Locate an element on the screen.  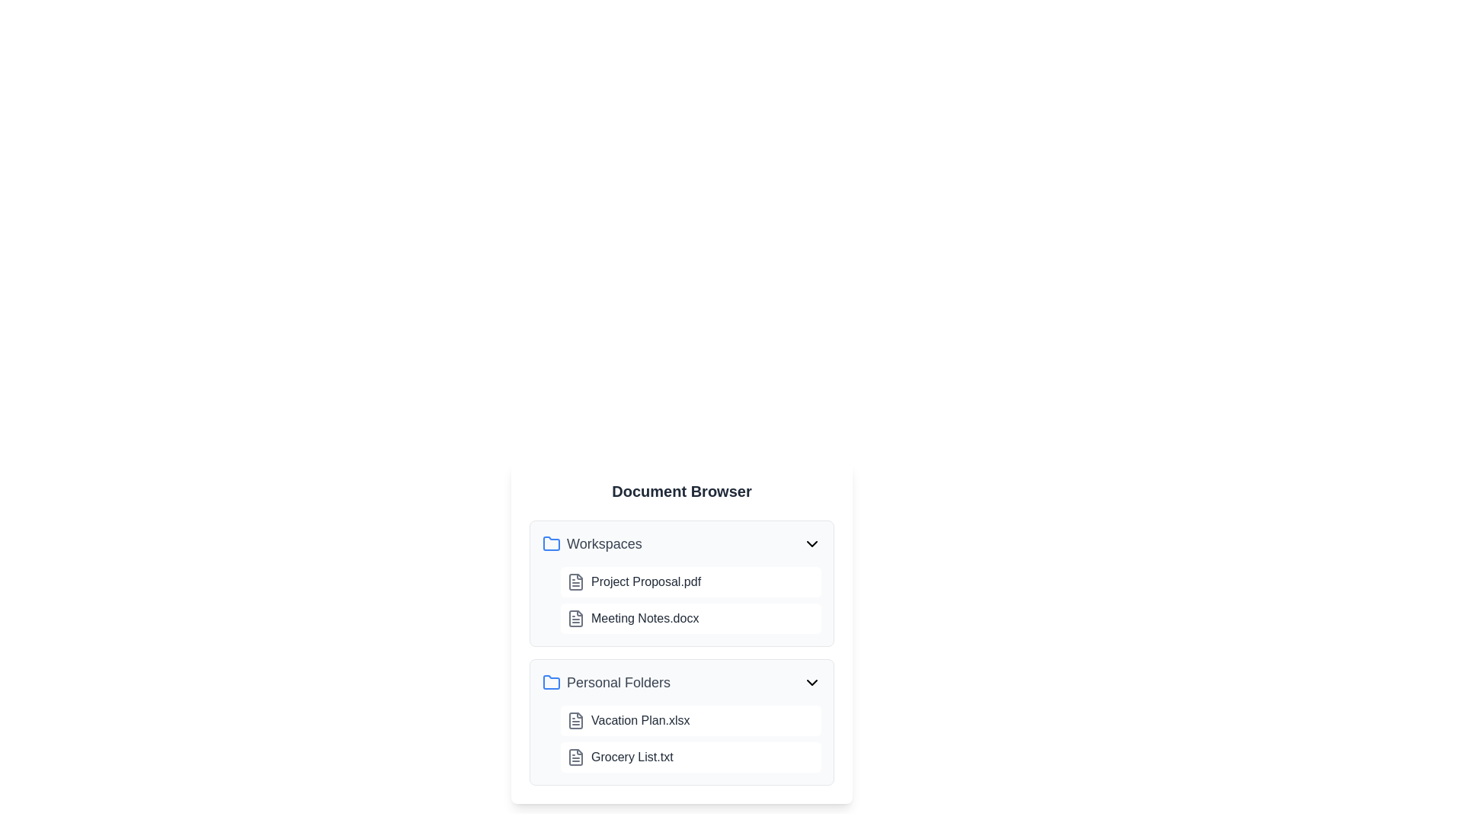
the gray file icon with rounded corners located in the 'Personal Folders' section next to 'Grocery List.txt' is located at coordinates (575, 757).